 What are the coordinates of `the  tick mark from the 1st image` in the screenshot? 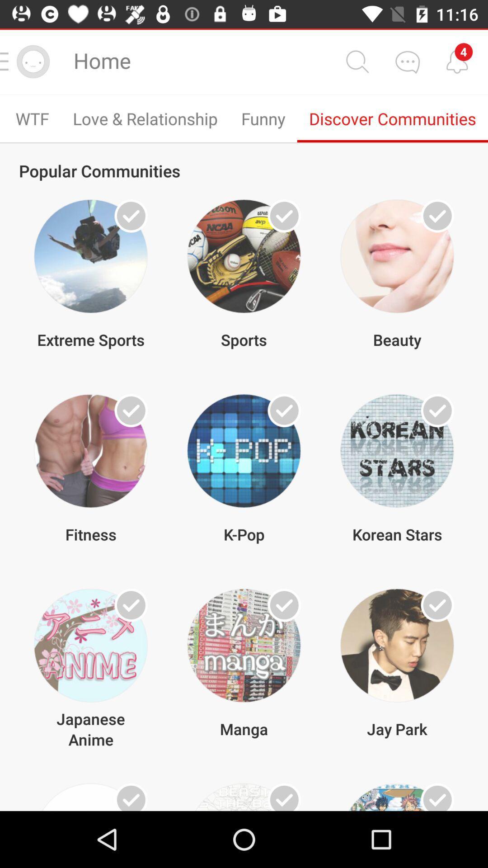 It's located at (131, 216).